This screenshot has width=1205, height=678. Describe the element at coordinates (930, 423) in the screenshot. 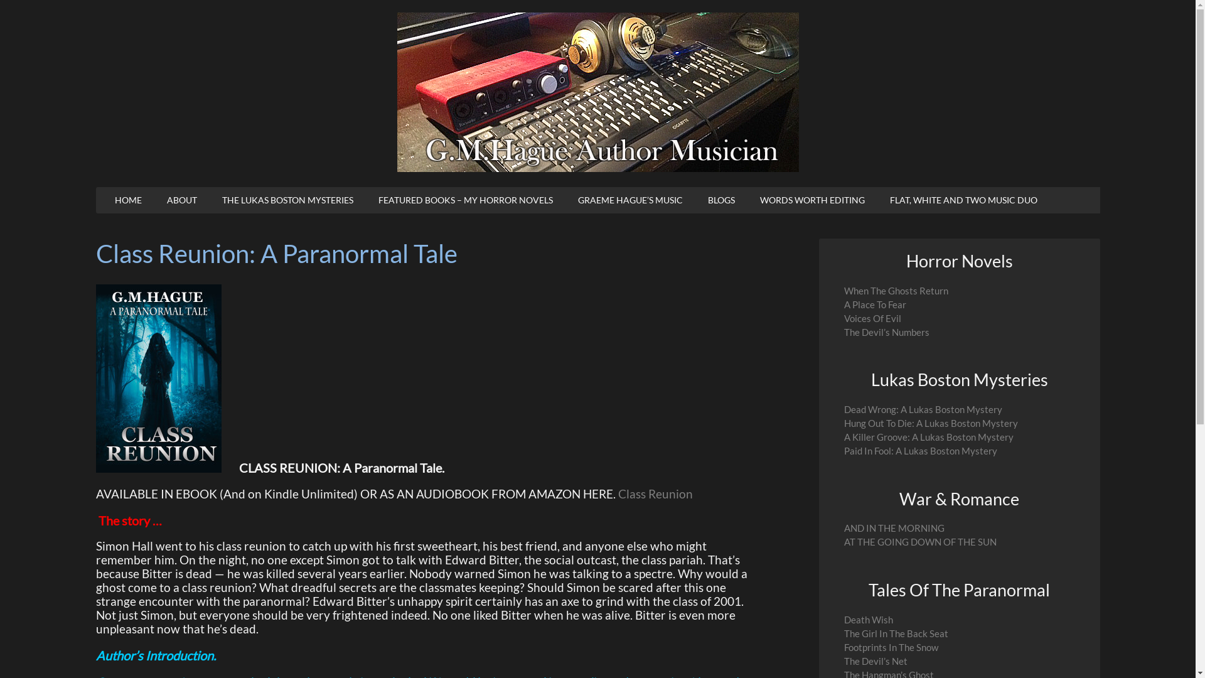

I see `'Hung Out To Die: A Lukas Boston Mystery'` at that location.